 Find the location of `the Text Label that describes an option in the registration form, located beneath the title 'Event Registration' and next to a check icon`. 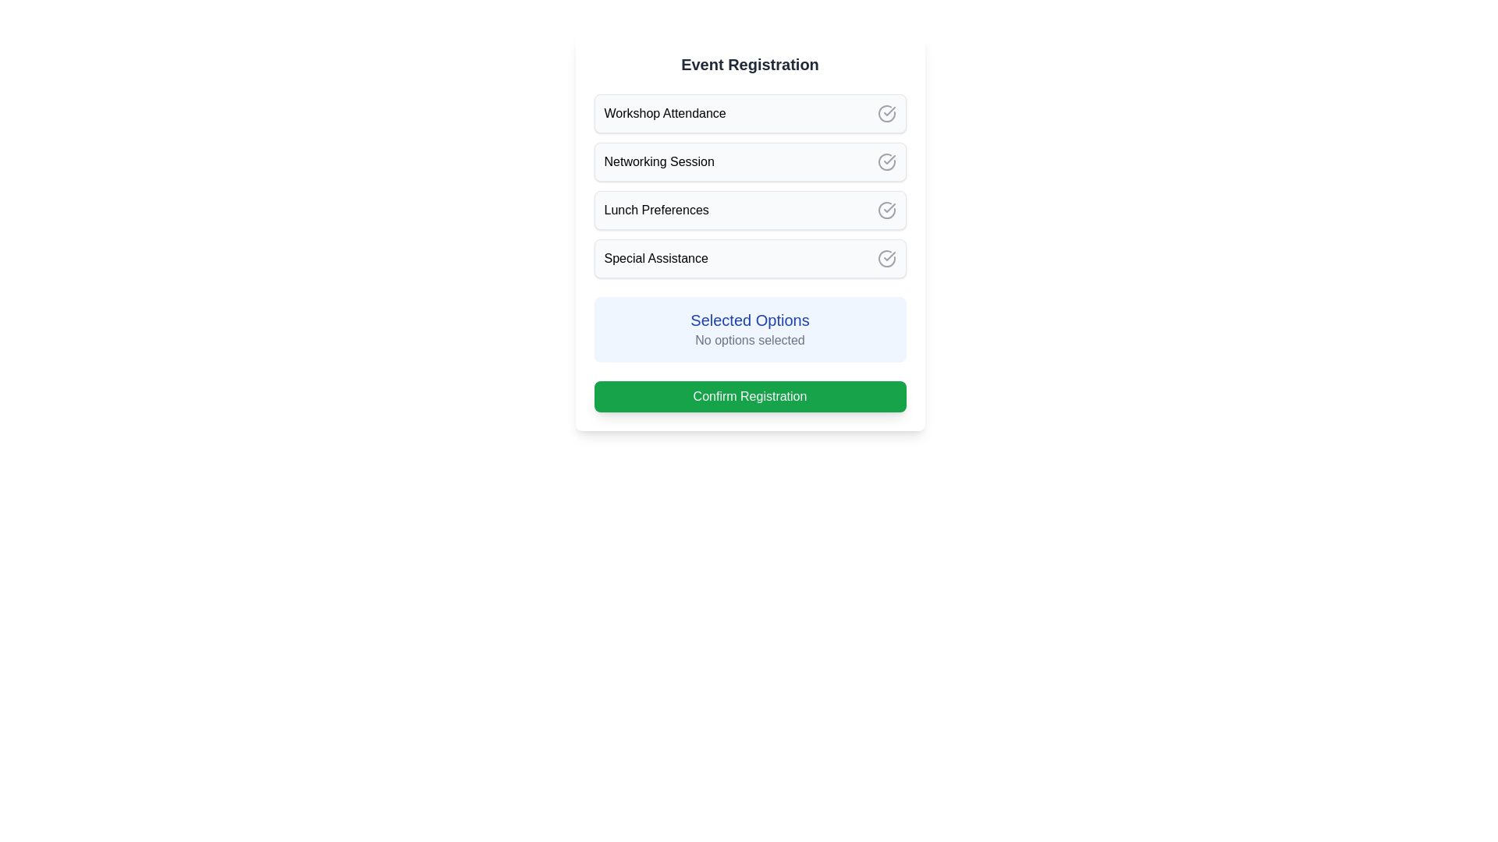

the Text Label that describes an option in the registration form, located beneath the title 'Event Registration' and next to a check icon is located at coordinates (665, 113).